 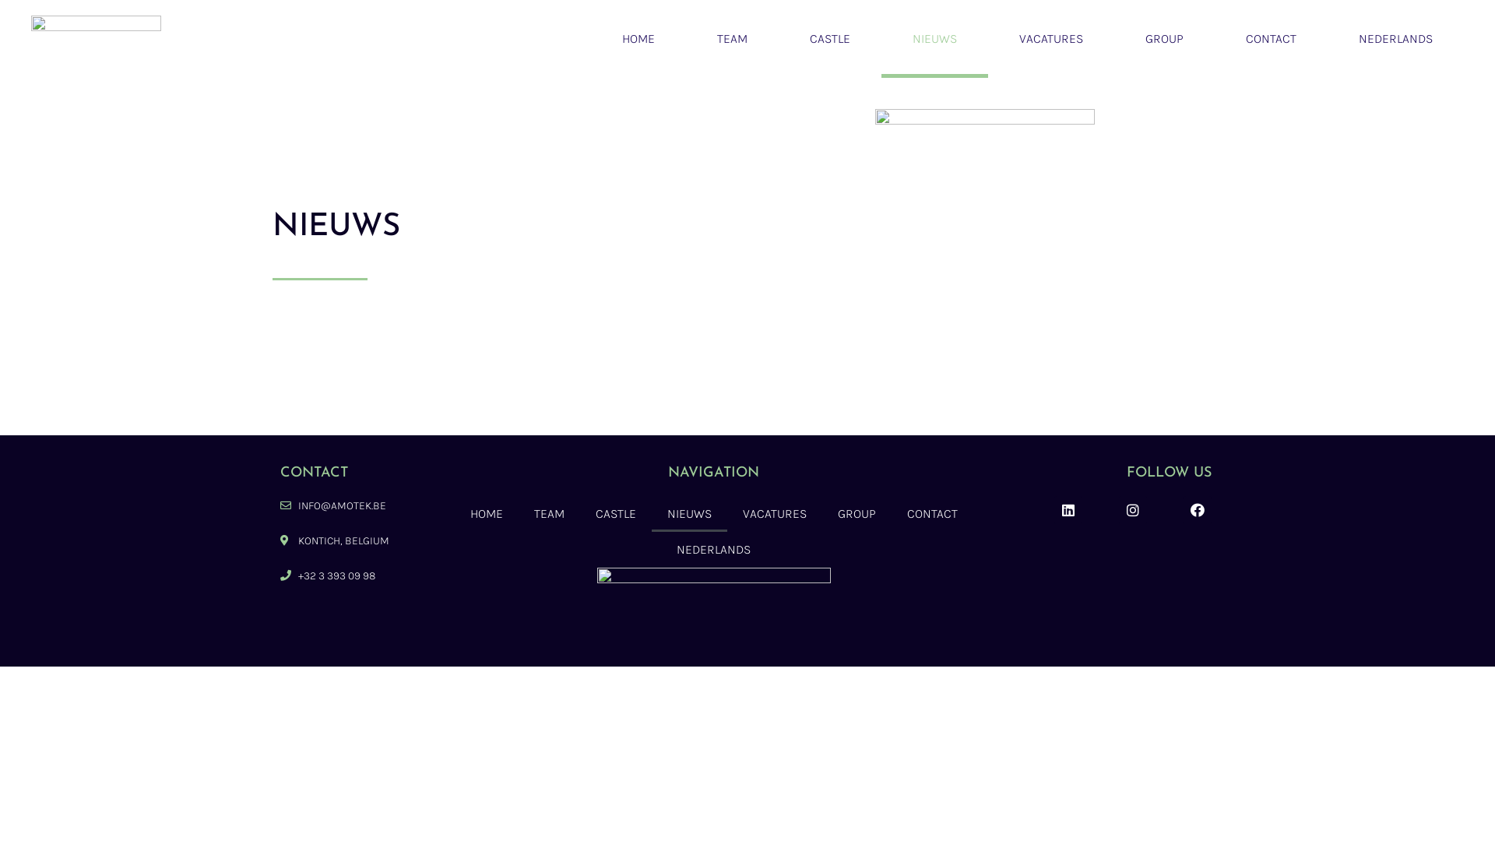 What do you see at coordinates (774, 513) in the screenshot?
I see `'VACATURES'` at bounding box center [774, 513].